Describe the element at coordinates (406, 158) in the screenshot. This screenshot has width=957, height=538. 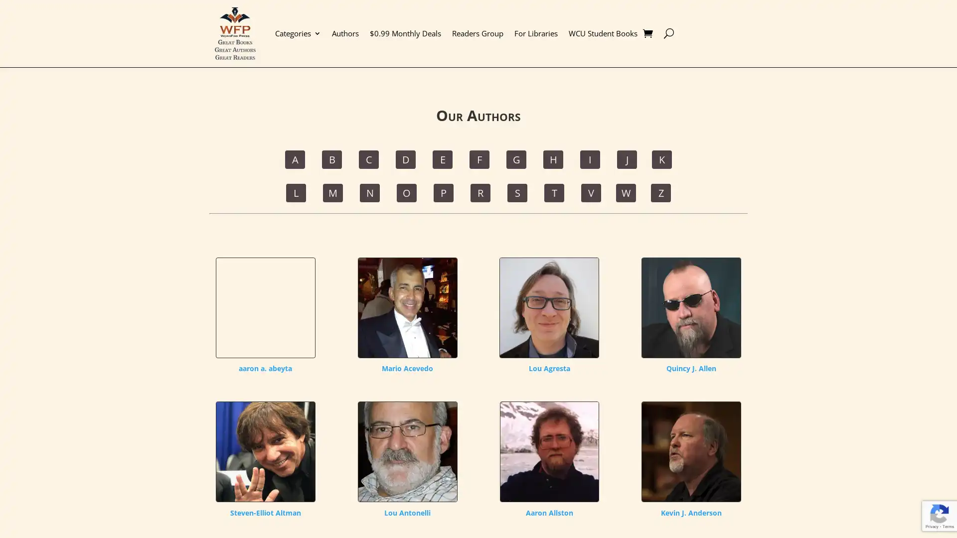
I see `D` at that location.